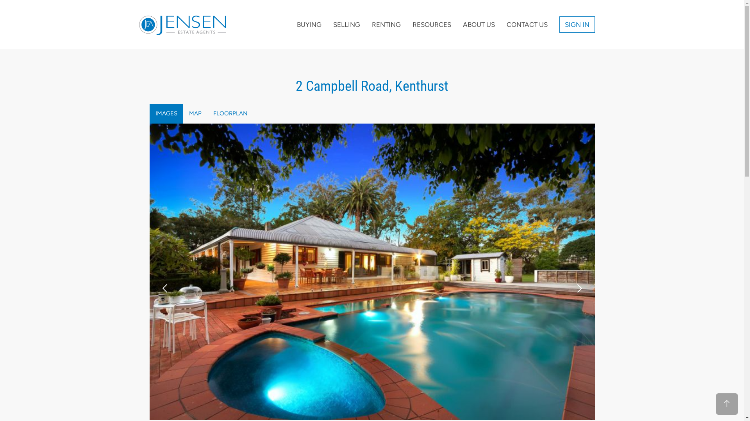 The width and height of the screenshot is (750, 421). Describe the element at coordinates (164, 288) in the screenshot. I see `'prev'` at that location.